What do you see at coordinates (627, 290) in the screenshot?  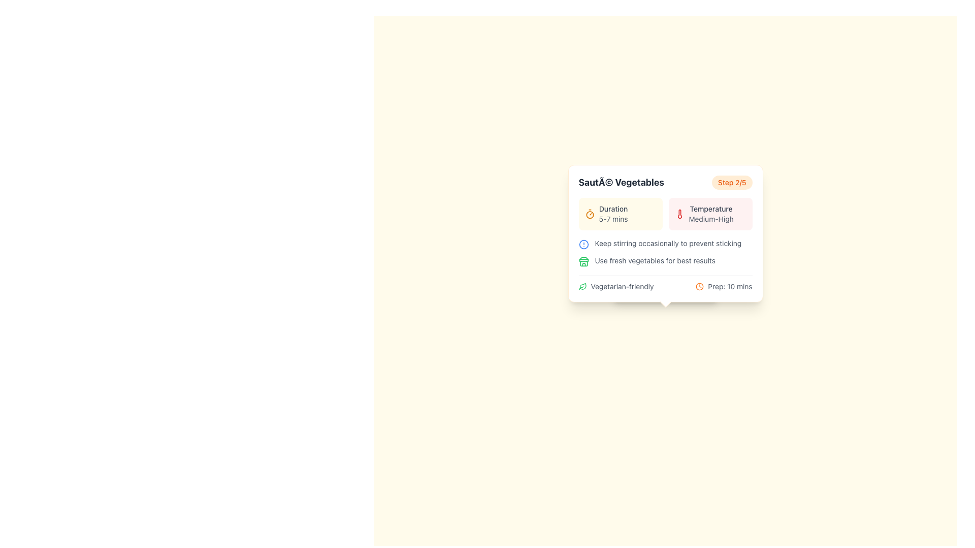 I see `the chef hat icon representing the vegetarian-friendly status of the food item located next to the text 'Vegetarian-friendly'` at bounding box center [627, 290].